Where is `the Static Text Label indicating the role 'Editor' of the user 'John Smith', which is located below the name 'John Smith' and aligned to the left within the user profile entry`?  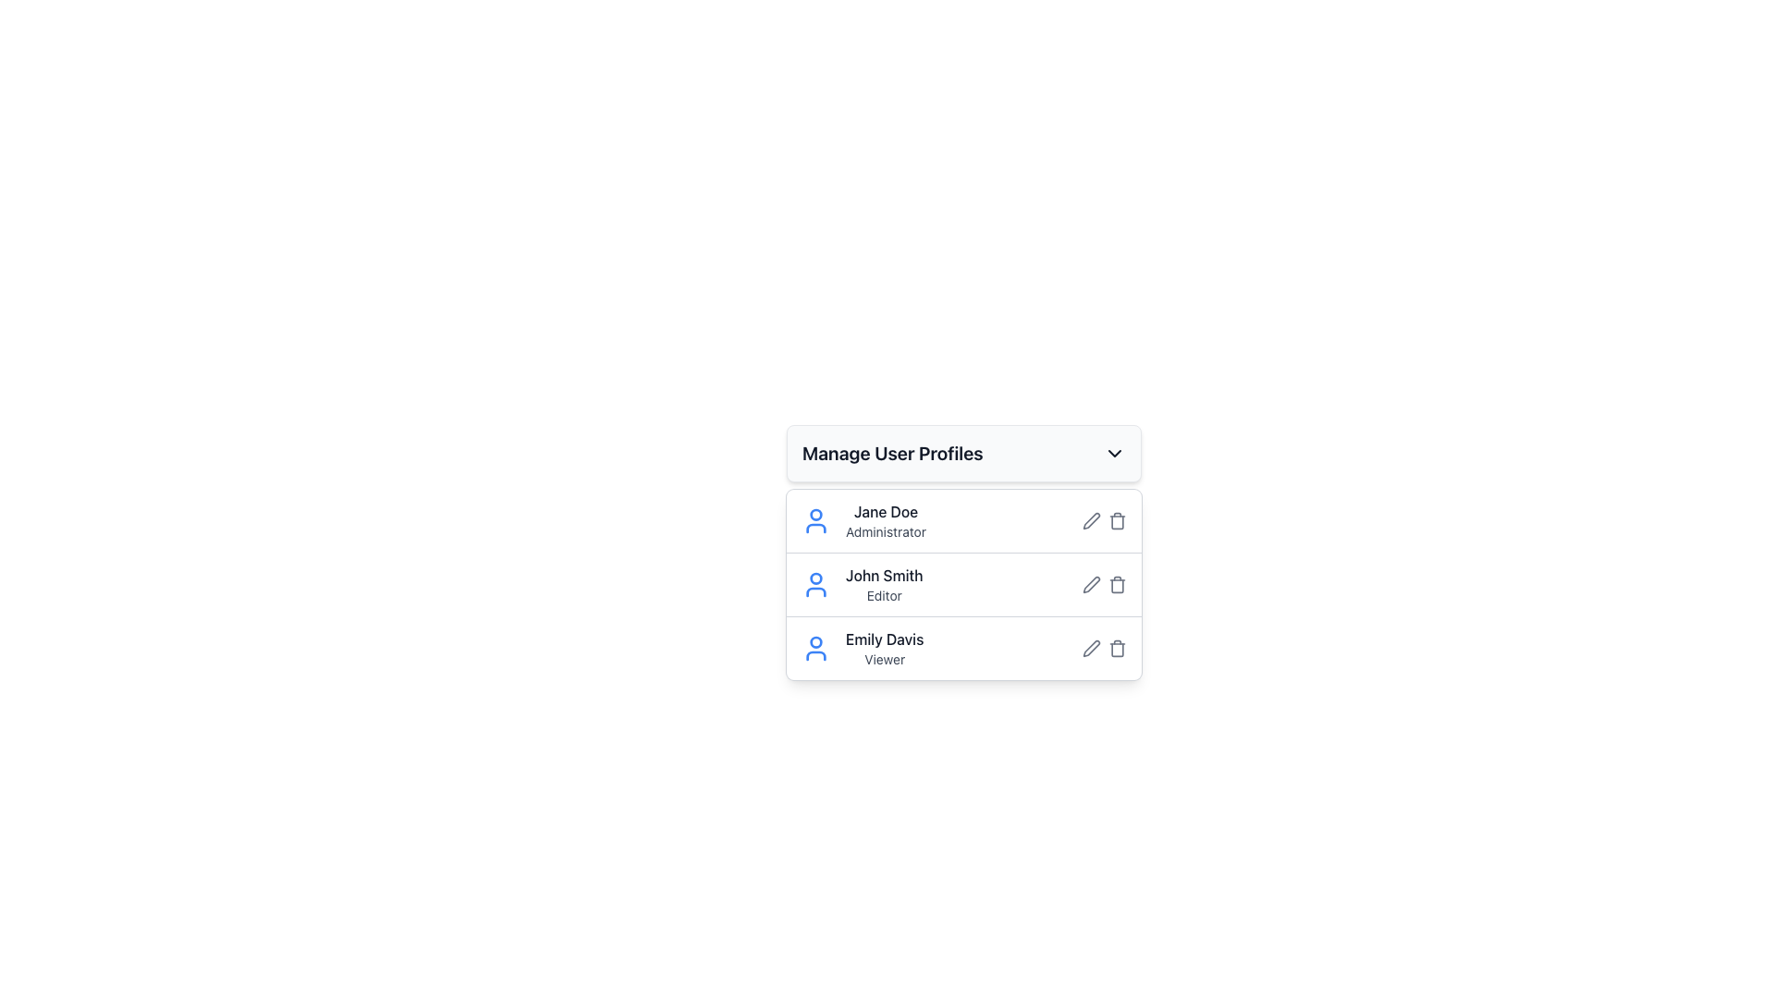
the Static Text Label indicating the role 'Editor' of the user 'John Smith', which is located below the name 'John Smith' and aligned to the left within the user profile entry is located at coordinates (883, 595).